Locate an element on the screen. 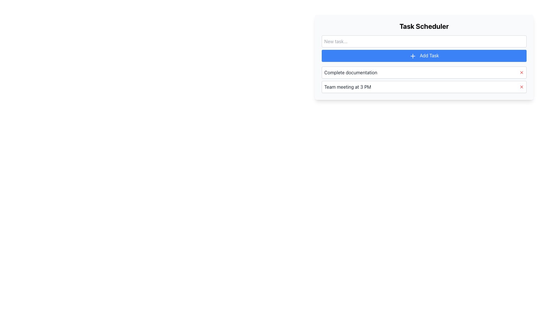 This screenshot has width=554, height=311. the first task list item labeled 'Complete documentation' in the 'Task Scheduler' box, which is visually represented as a white rectangular box with a light gray border and a small red 'x' icon on the right is located at coordinates (424, 72).